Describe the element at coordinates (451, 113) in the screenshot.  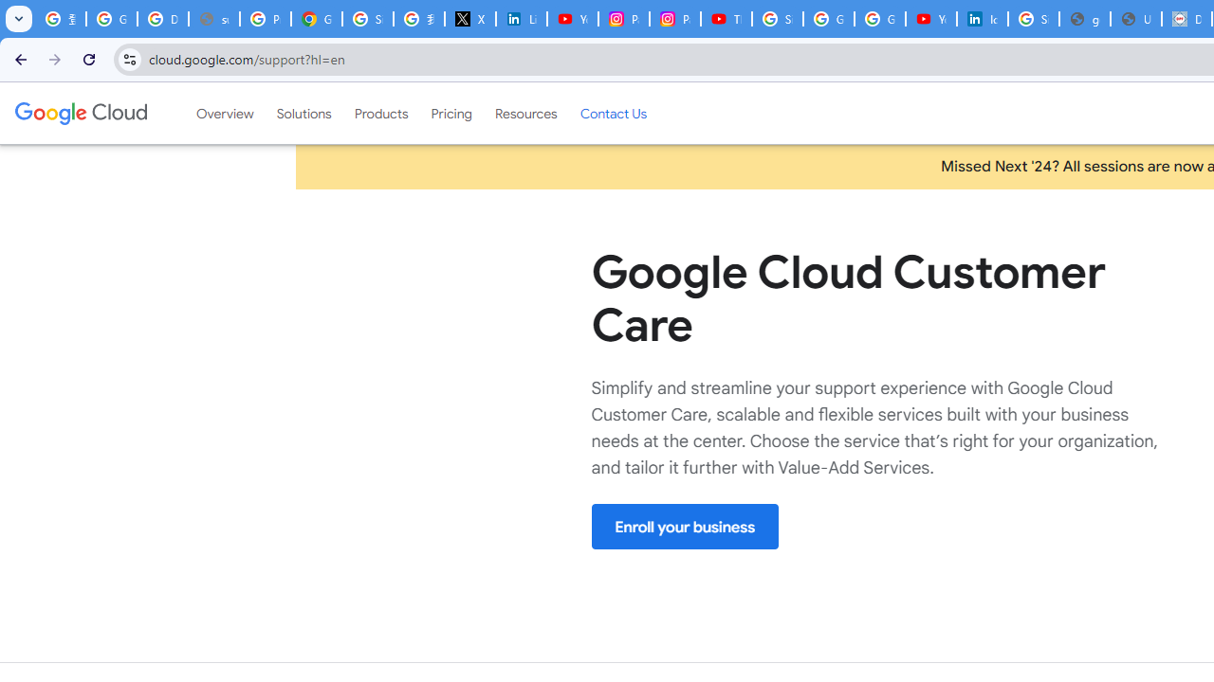
I see `'Pricing'` at that location.